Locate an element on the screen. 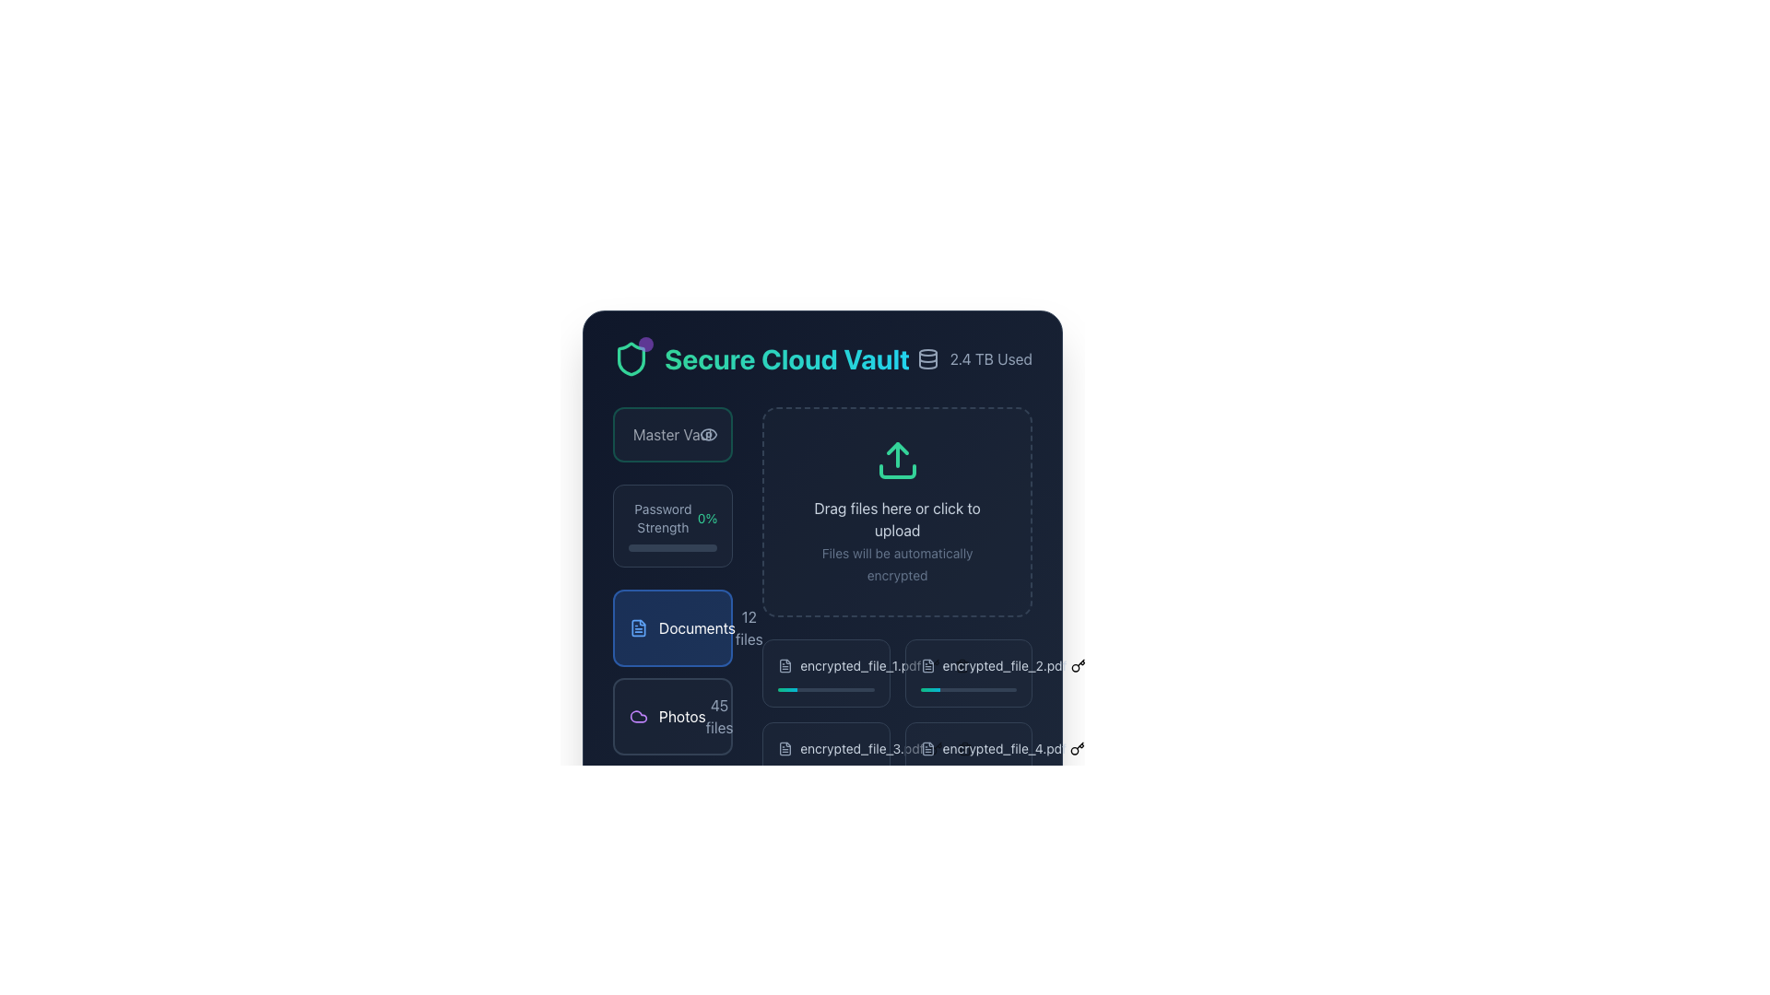  the key icon element, which is styled as a key symbol and located adjacent to the filename 'encrypted_file_4.pdf' in the file list interface is located at coordinates (935, 749).